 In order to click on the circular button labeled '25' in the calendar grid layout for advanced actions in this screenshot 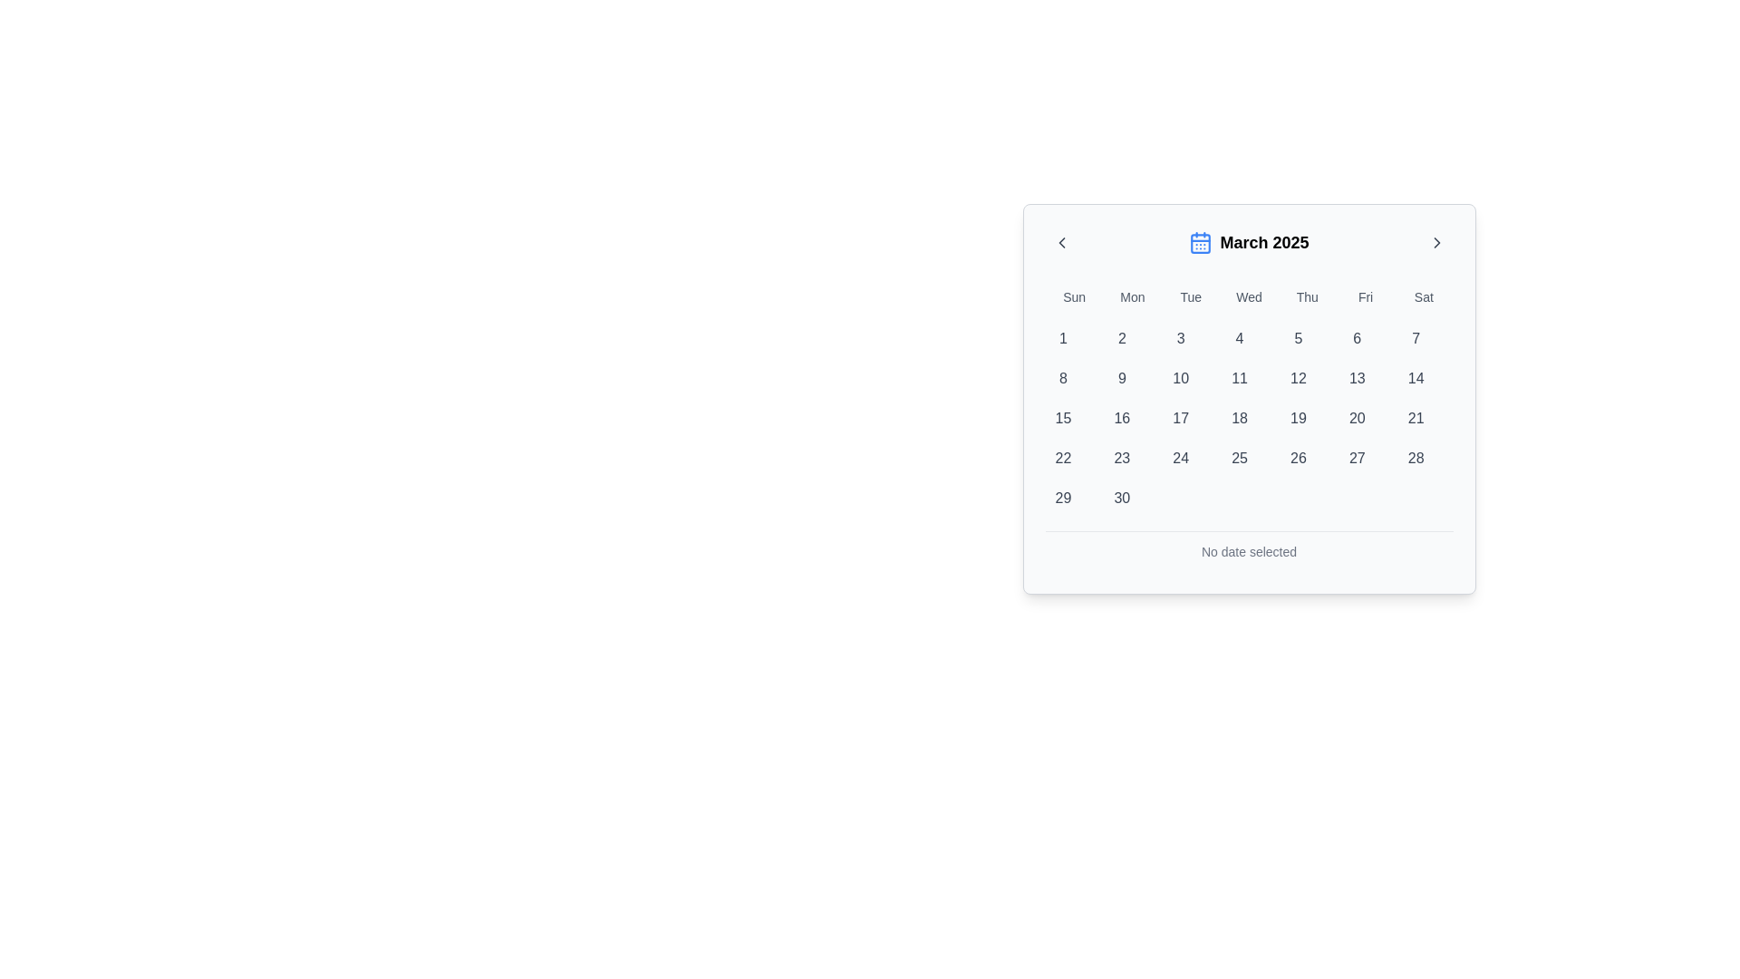, I will do `click(1239, 457)`.